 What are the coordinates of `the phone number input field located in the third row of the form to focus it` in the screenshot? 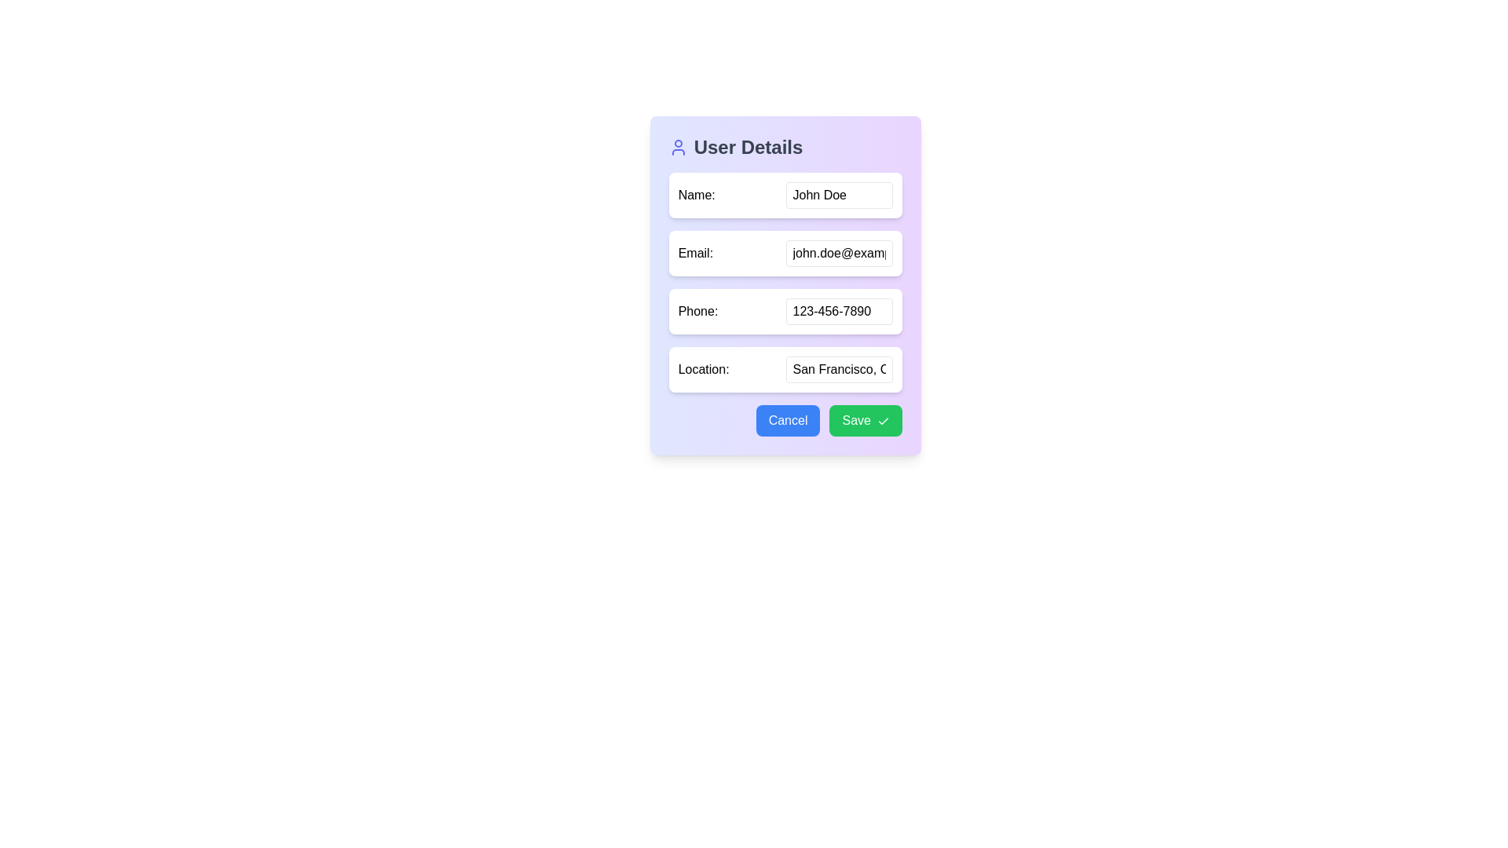 It's located at (785, 312).